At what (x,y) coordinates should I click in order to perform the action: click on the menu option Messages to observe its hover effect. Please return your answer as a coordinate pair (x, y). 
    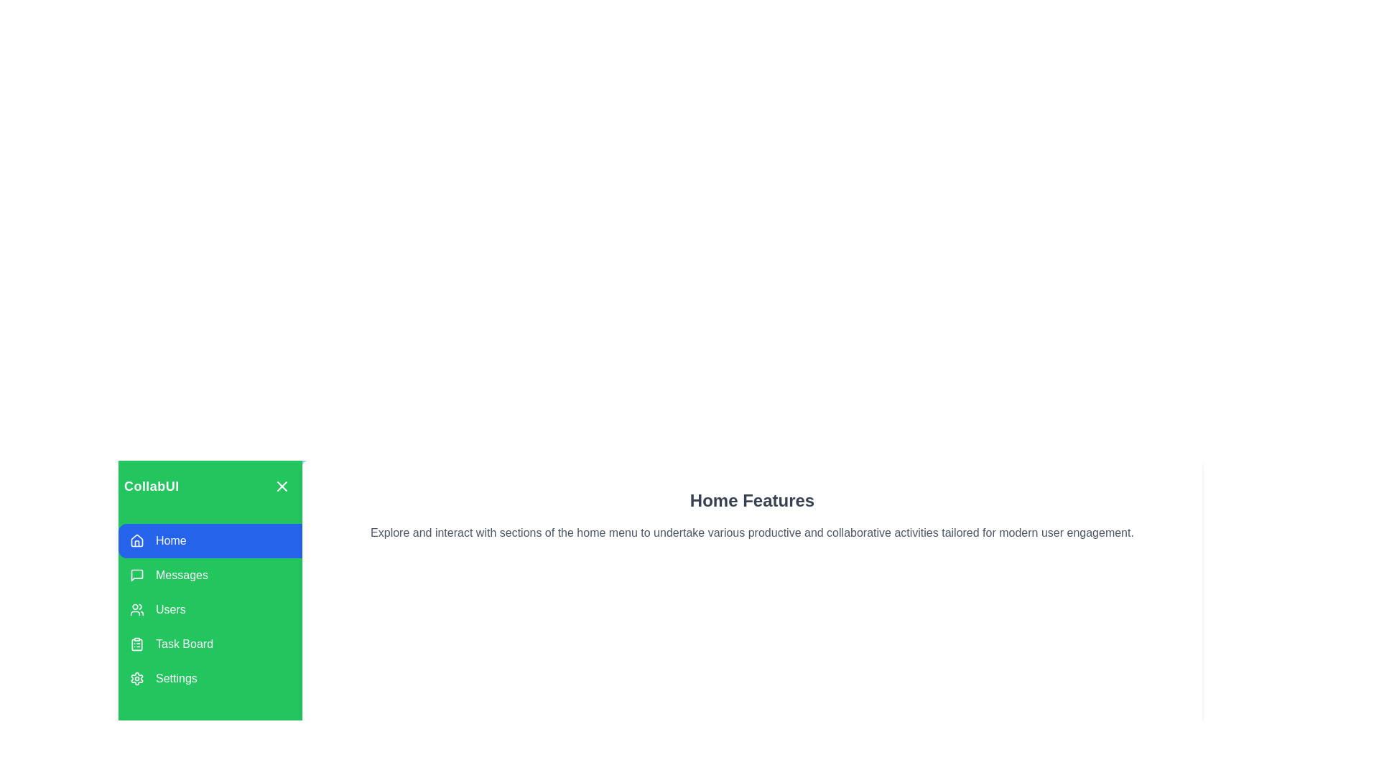
    Looking at the image, I should click on (209, 575).